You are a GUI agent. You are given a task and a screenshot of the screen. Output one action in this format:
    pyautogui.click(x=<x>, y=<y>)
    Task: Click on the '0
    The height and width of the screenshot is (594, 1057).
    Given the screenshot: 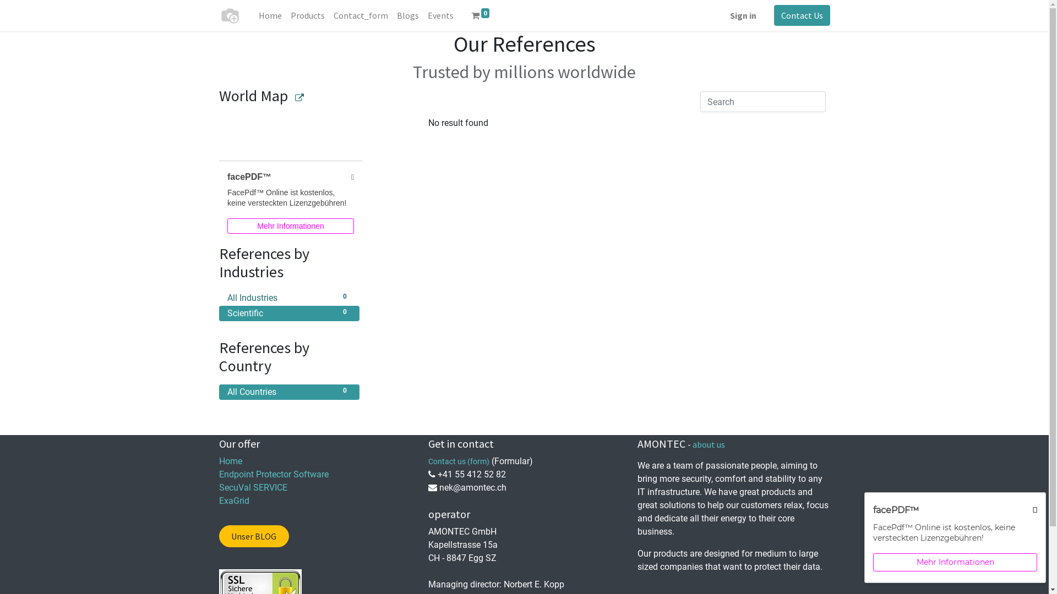 What is the action you would take?
    pyautogui.click(x=289, y=298)
    